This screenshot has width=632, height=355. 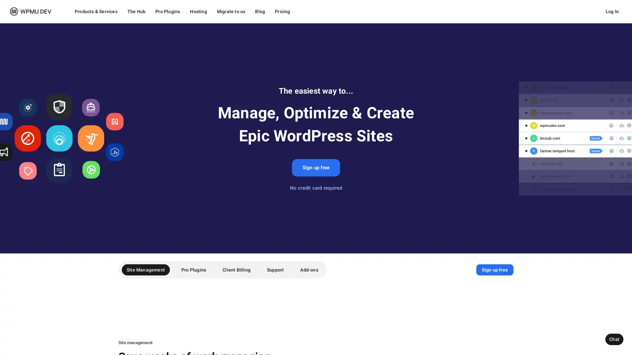 What do you see at coordinates (193, 270) in the screenshot?
I see `Pro Plugins` at bounding box center [193, 270].